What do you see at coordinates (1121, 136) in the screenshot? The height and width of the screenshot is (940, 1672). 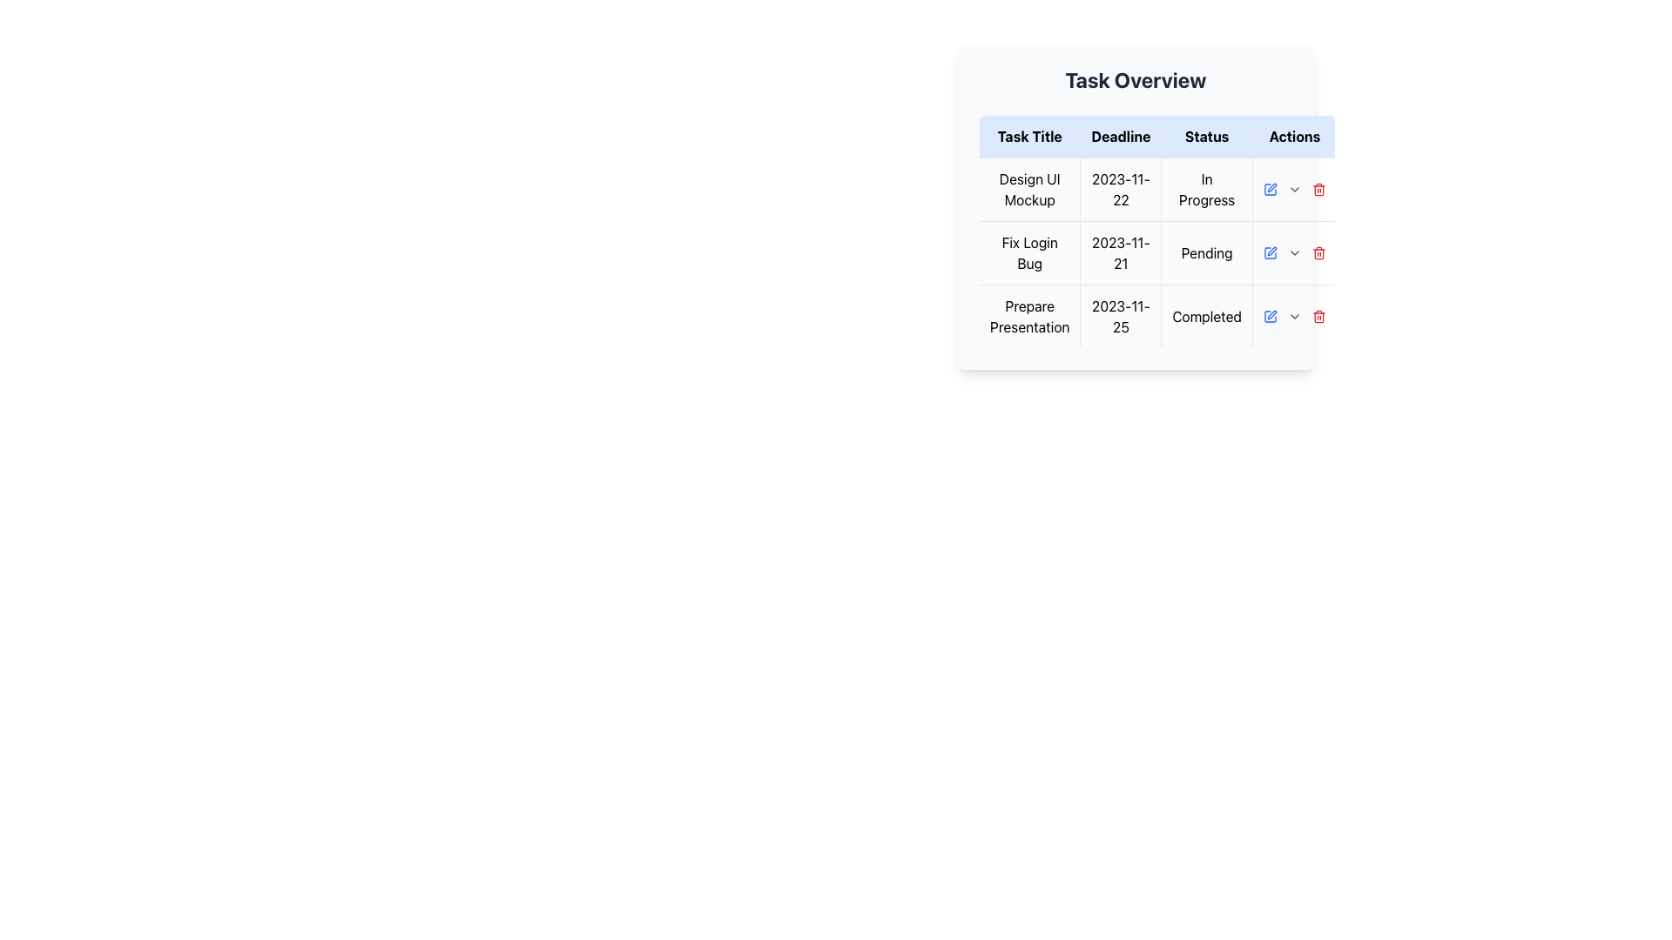 I see `the text label with the bold font reading 'Deadline', which is located between 'Task Title' and 'Status' in the header row of the table` at bounding box center [1121, 136].